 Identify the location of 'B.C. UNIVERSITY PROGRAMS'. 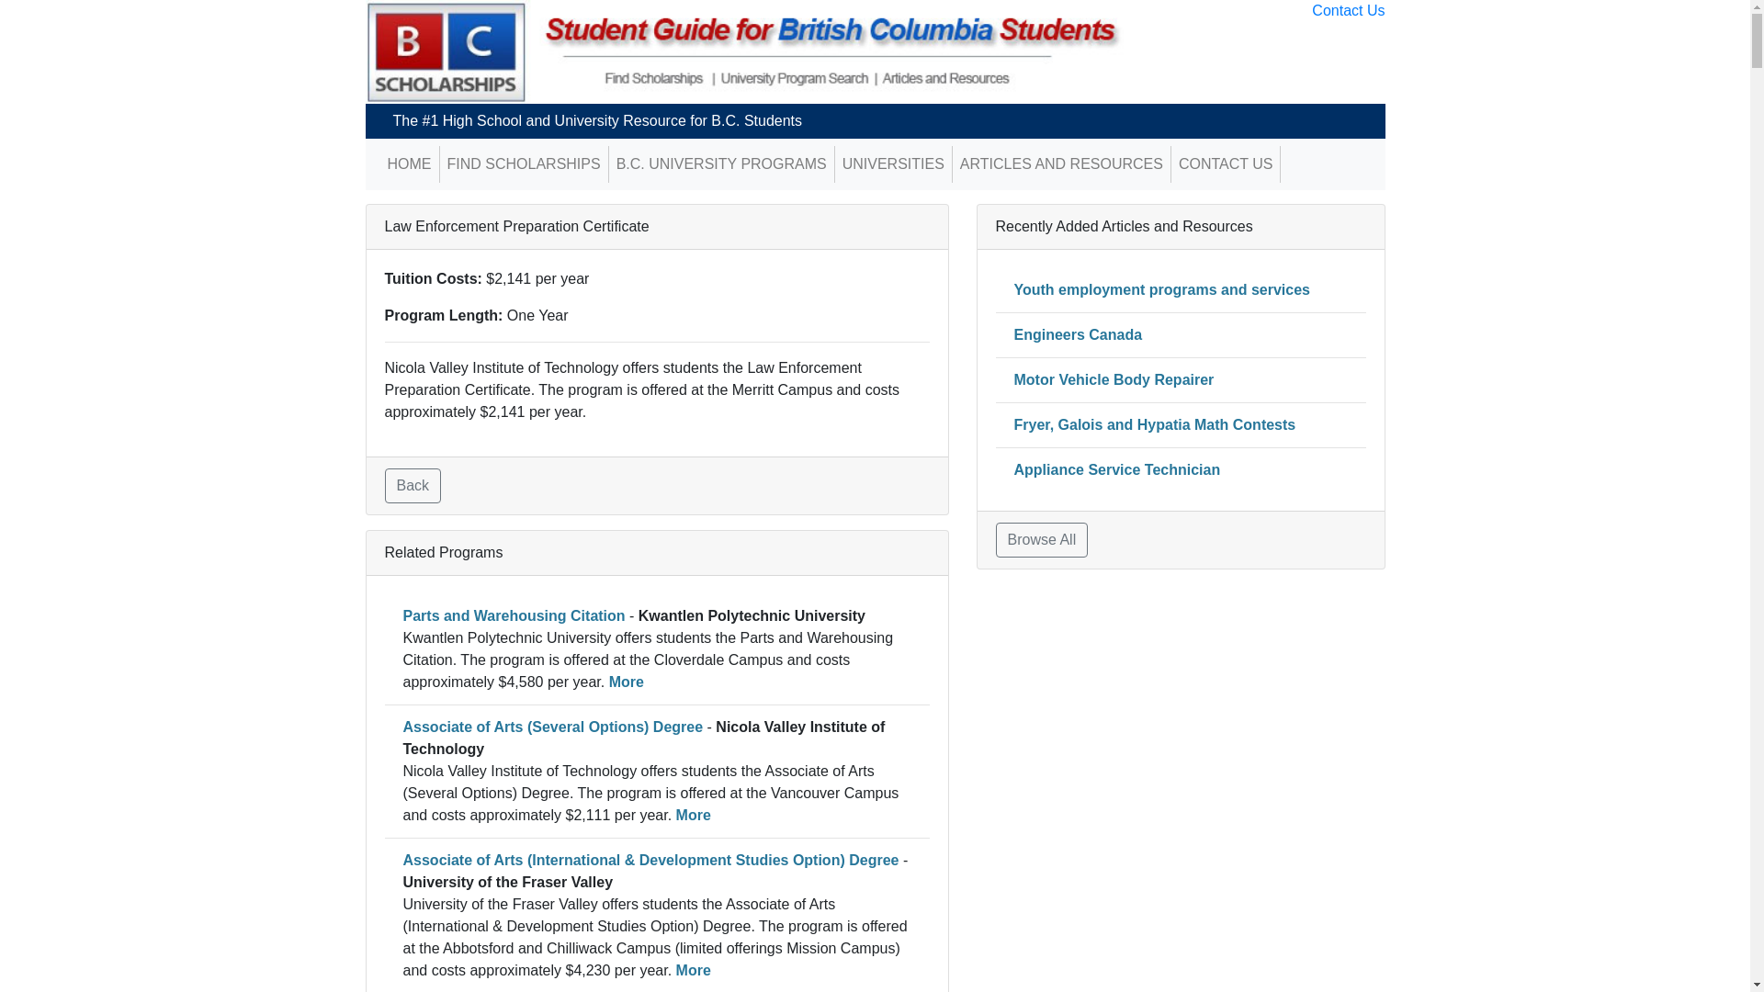
(608, 163).